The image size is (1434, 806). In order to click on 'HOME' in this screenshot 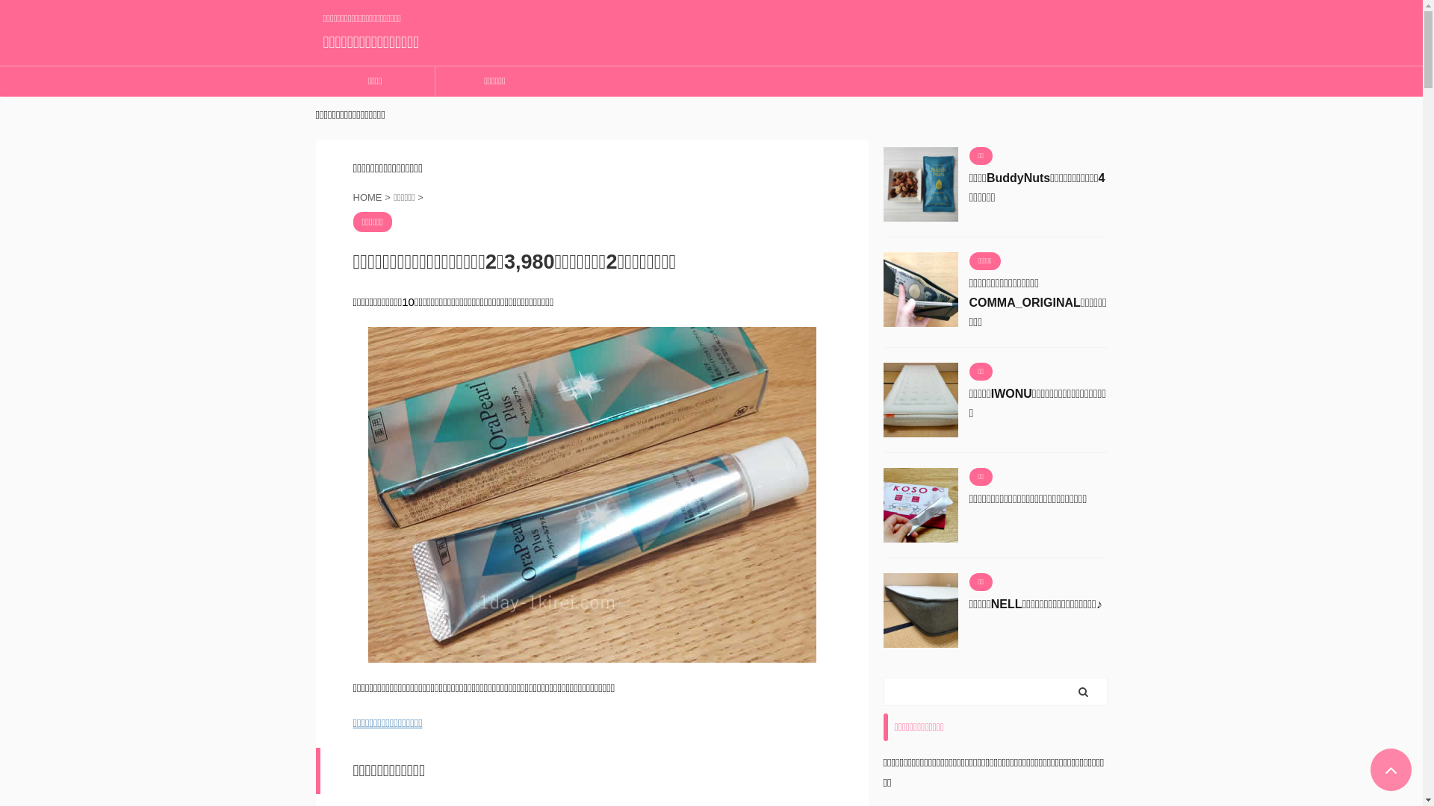, I will do `click(351, 196)`.